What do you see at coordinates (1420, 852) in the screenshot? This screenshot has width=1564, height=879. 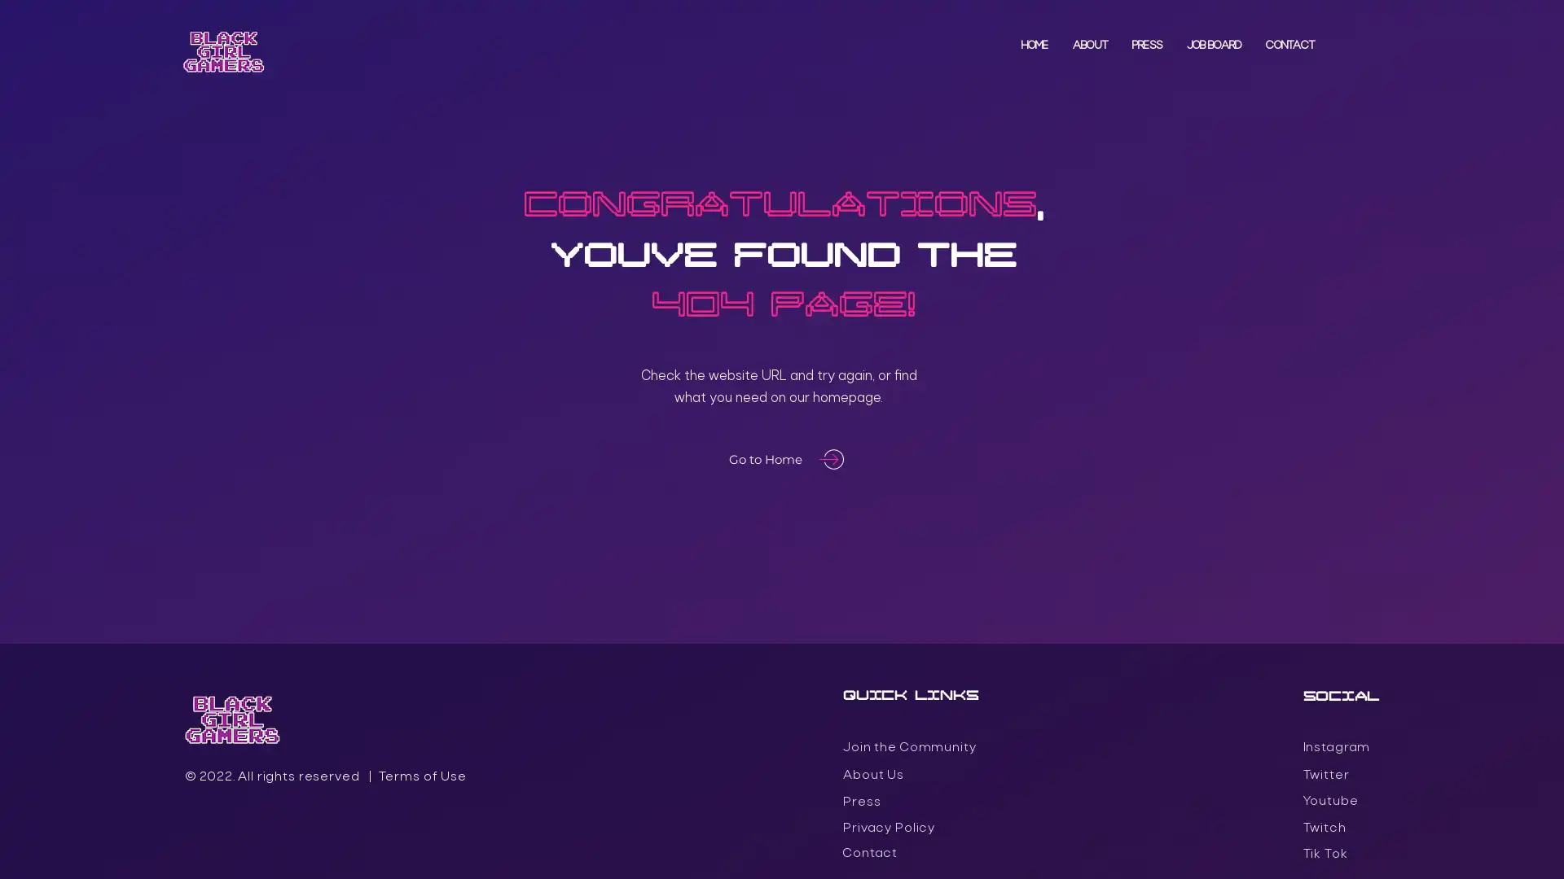 I see `Settings` at bounding box center [1420, 852].